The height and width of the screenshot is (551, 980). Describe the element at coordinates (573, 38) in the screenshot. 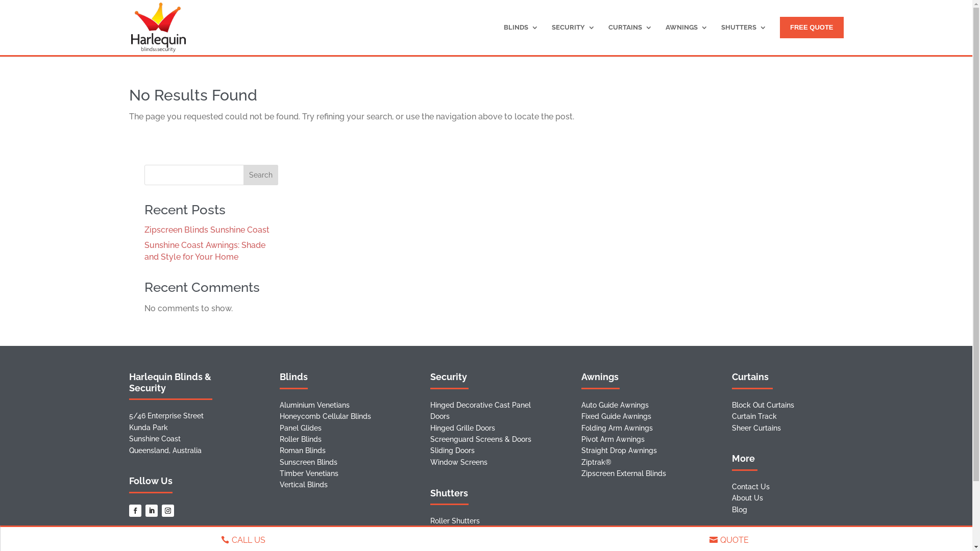

I see `'SECURITY'` at that location.